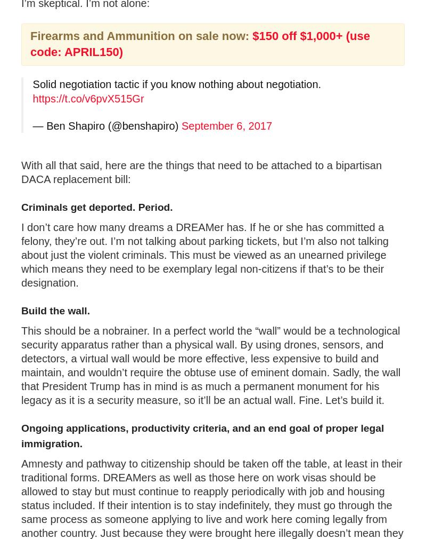 Image resolution: width=426 pixels, height=539 pixels. I want to click on 'Ongoing applications, productivity criteria, and an end goal of proper legal immigration.', so click(202, 435).